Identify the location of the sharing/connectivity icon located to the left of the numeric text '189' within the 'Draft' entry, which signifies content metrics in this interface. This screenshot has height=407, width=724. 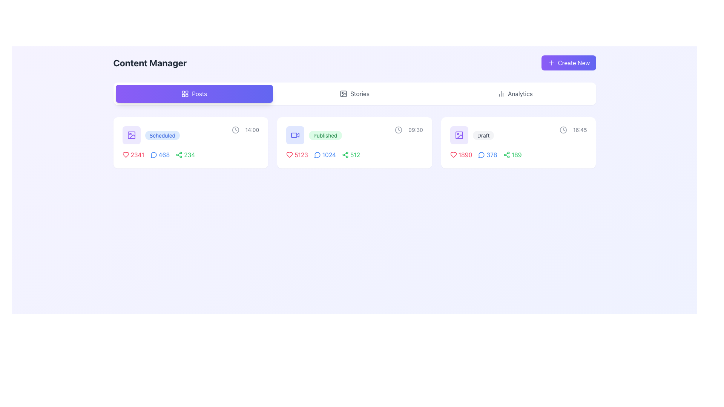
(506, 155).